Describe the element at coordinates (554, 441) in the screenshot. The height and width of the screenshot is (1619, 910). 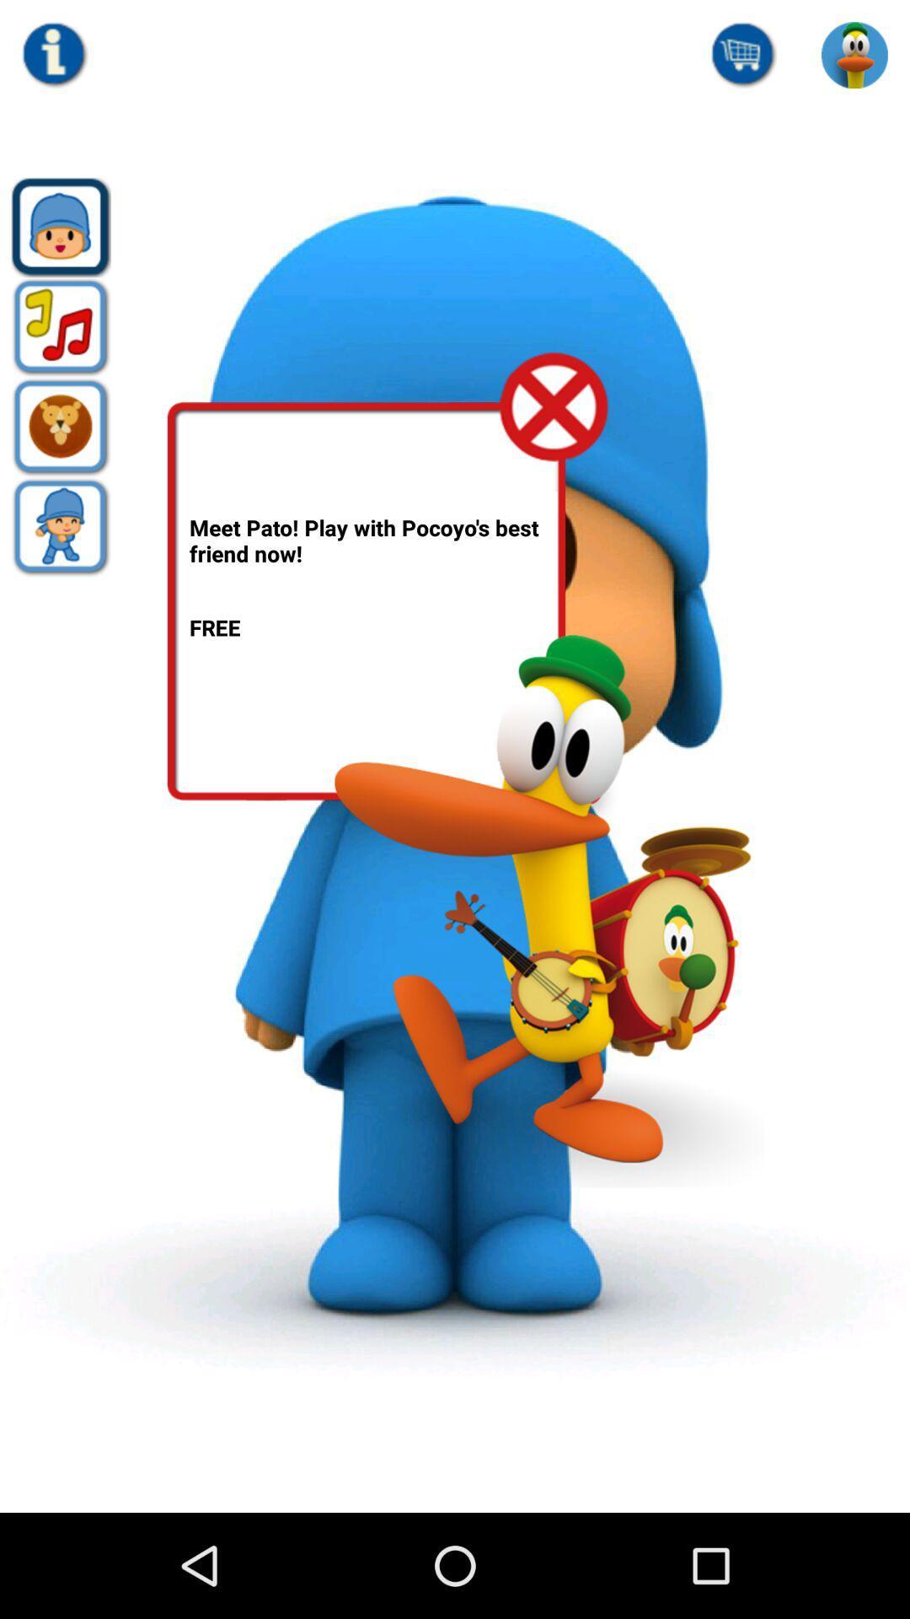
I see `the close icon` at that location.